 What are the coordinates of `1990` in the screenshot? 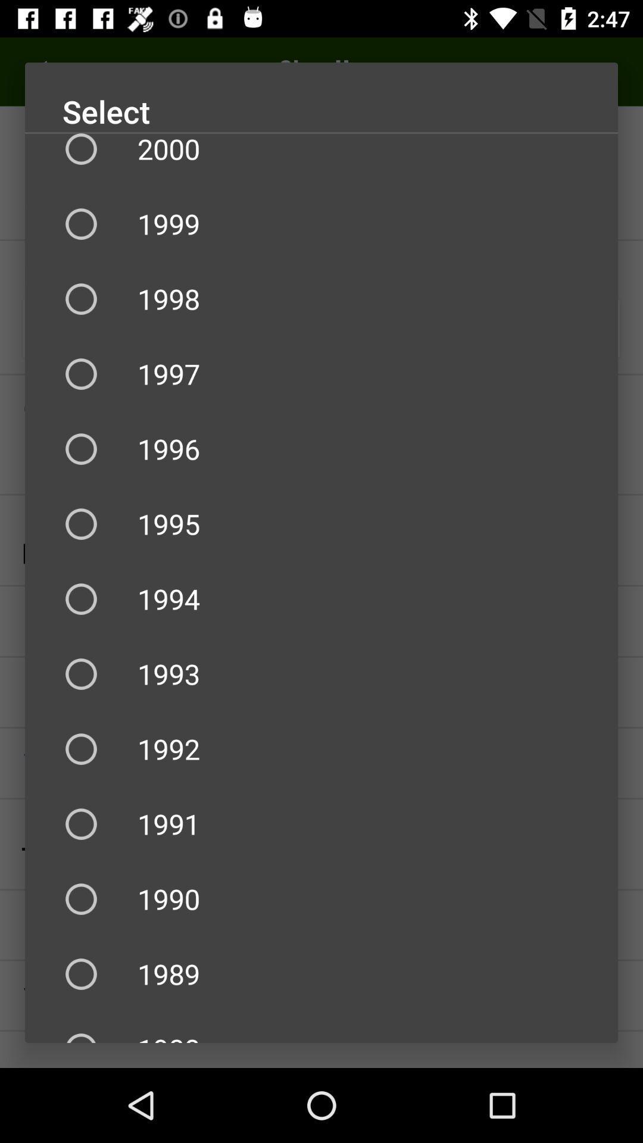 It's located at (321, 899).